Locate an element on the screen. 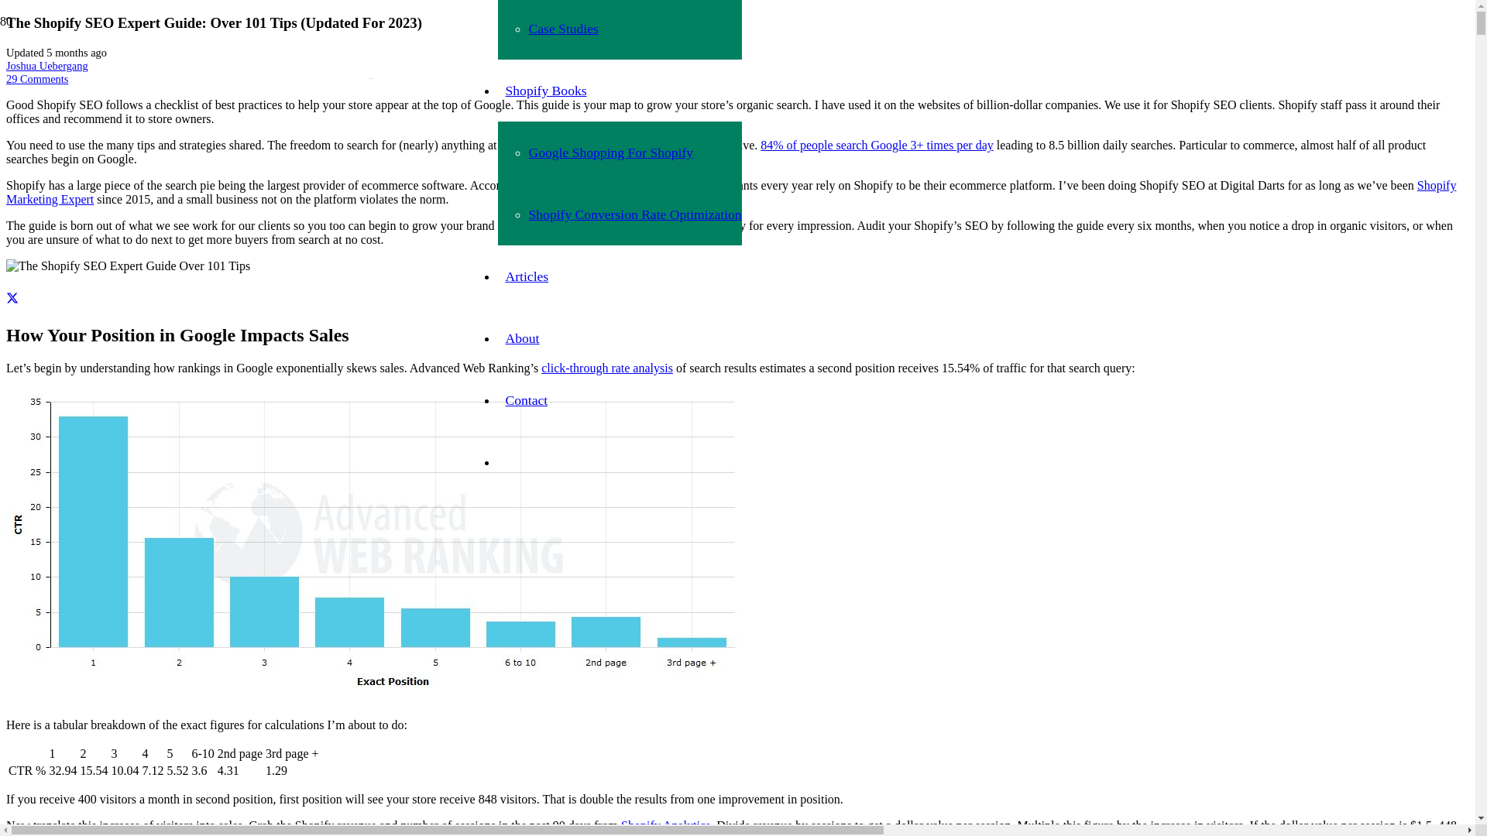  'Shopify Conversion Rate Optimization' is located at coordinates (634, 214).